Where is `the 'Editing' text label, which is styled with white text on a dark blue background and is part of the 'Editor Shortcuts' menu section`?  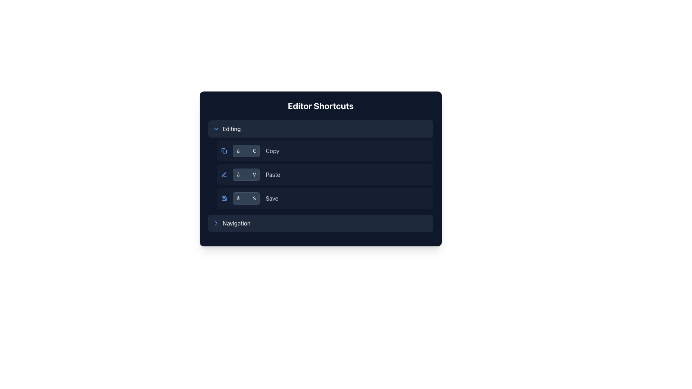 the 'Editing' text label, which is styled with white text on a dark blue background and is part of the 'Editor Shortcuts' menu section is located at coordinates (232, 129).